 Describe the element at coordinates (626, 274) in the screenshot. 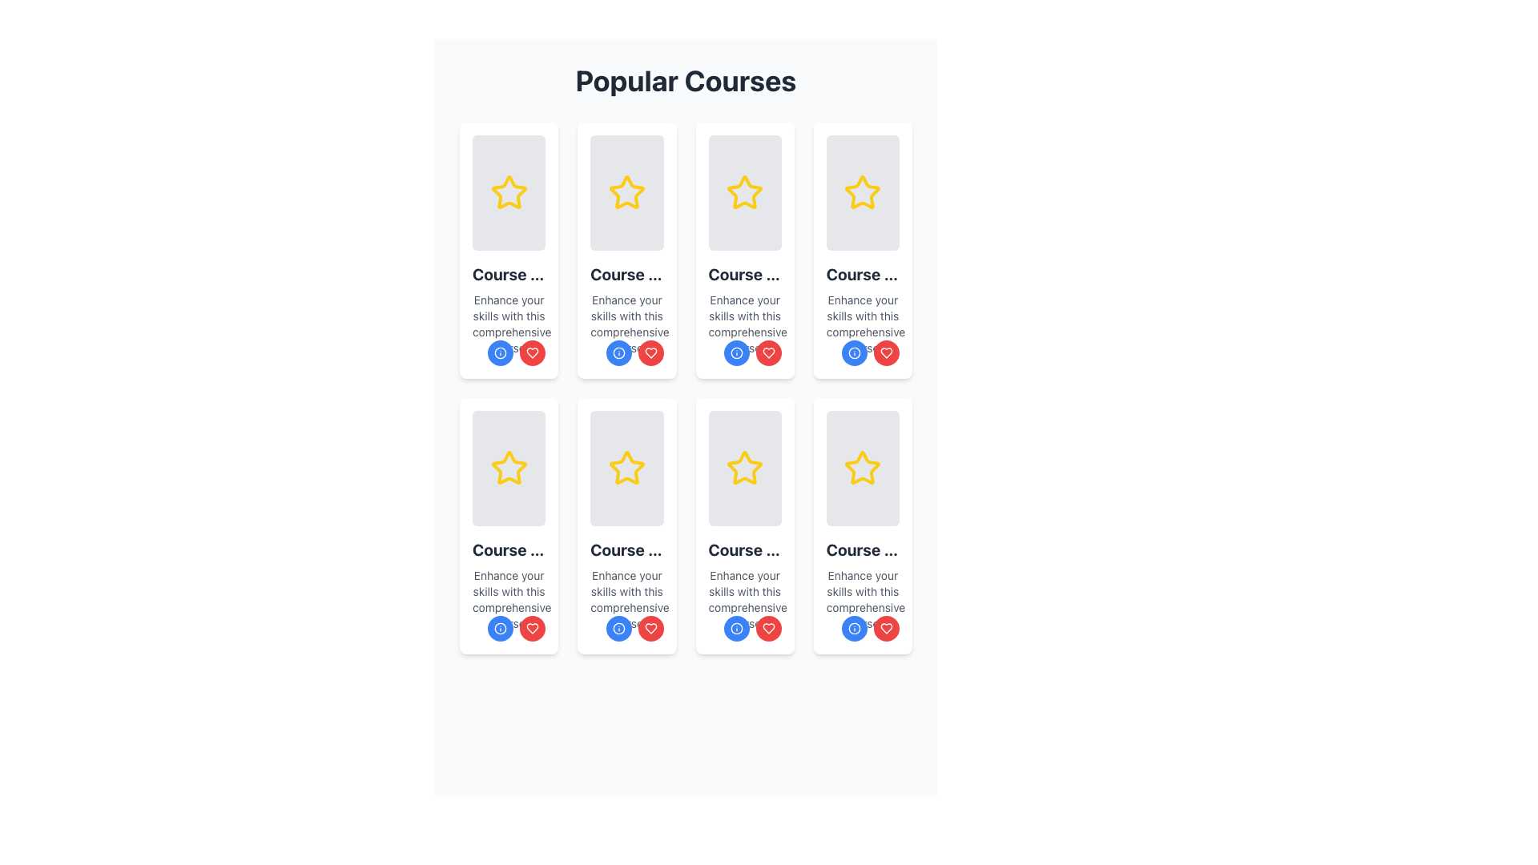

I see `the Text Label displaying 'Course Title 2' which is positioned at the top of the card in the second column and first row of the layout grid` at that location.